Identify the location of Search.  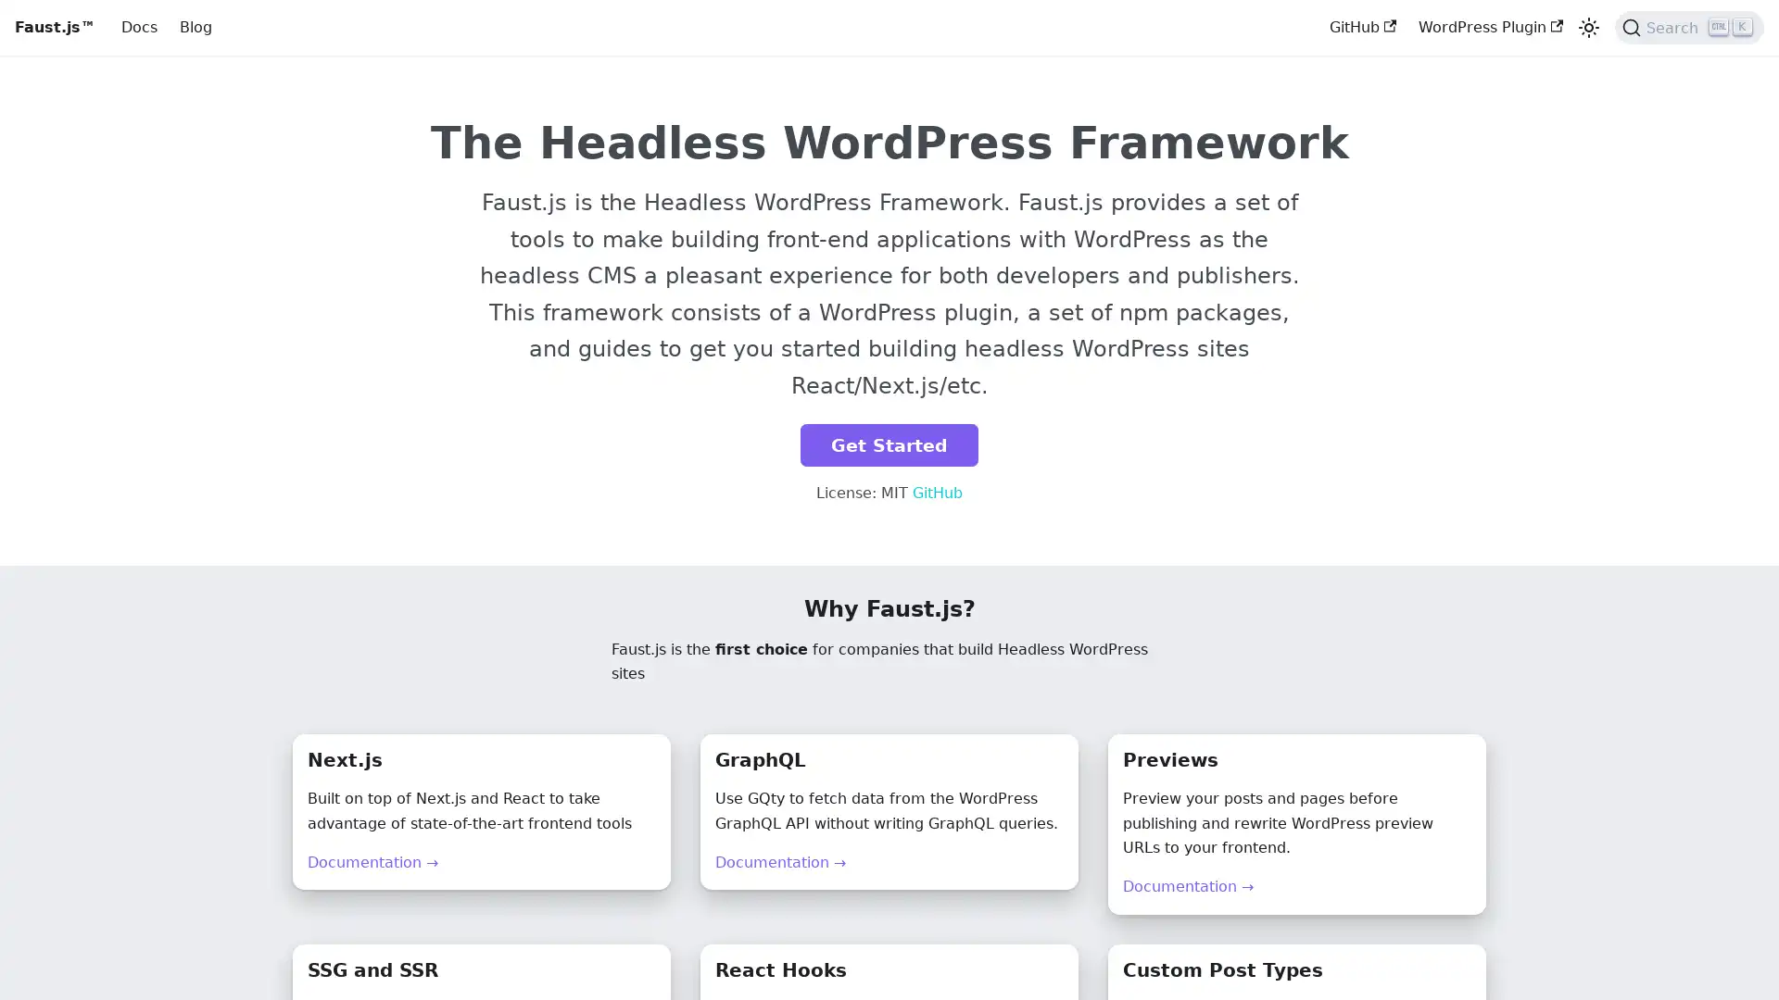
(1689, 28).